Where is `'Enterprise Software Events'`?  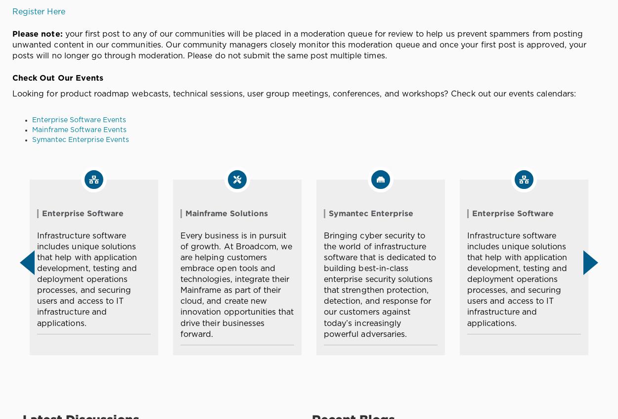 'Enterprise Software Events' is located at coordinates (32, 120).